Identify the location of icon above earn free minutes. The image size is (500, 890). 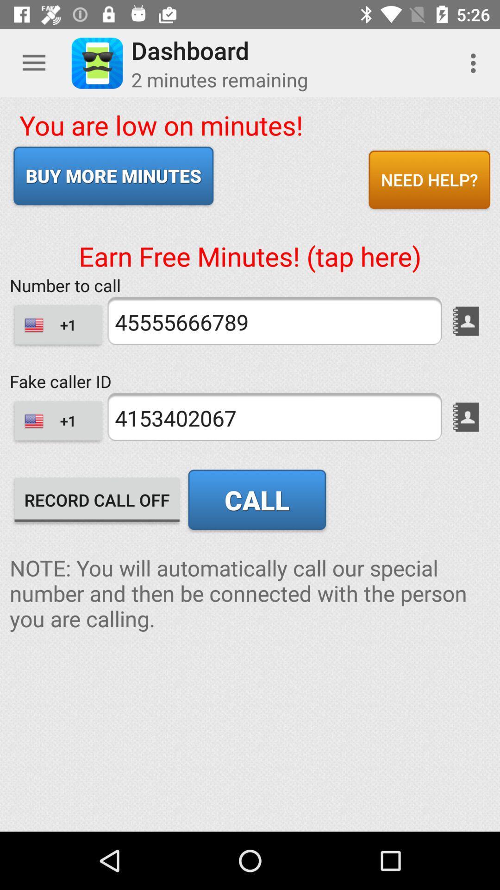
(113, 176).